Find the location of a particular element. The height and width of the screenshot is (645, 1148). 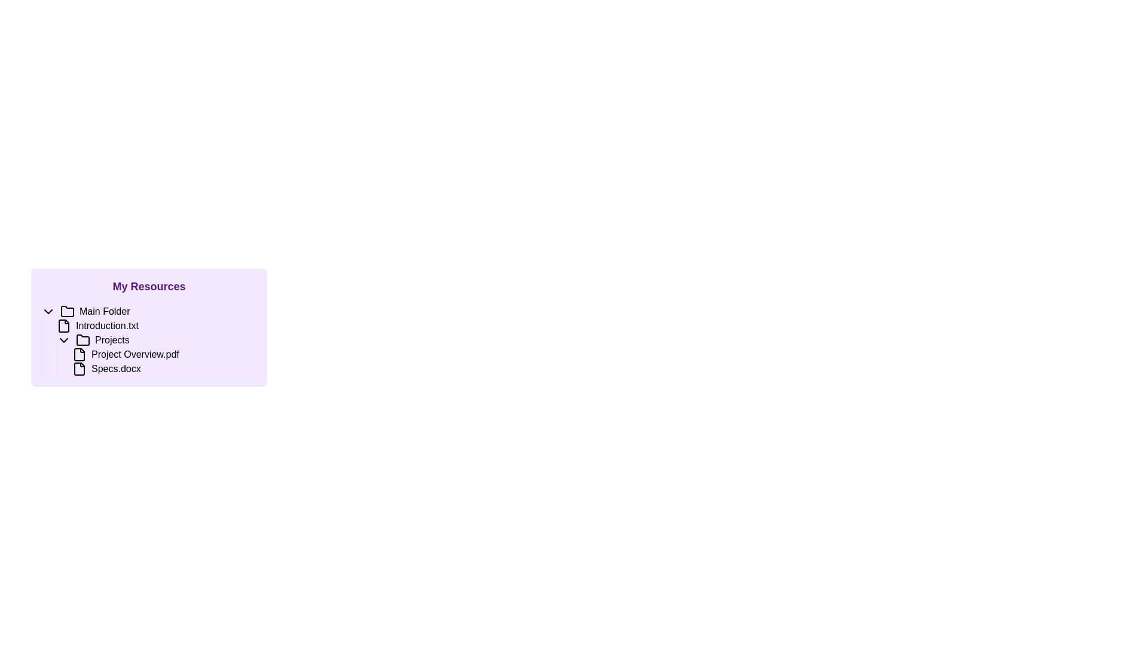

to select the 'Projects' folder icon, which has a stylized outline and is positioned in a hierarchical file system, below 'Introduction.txt' and above 'Project Overview.pdf' is located at coordinates (83, 340).